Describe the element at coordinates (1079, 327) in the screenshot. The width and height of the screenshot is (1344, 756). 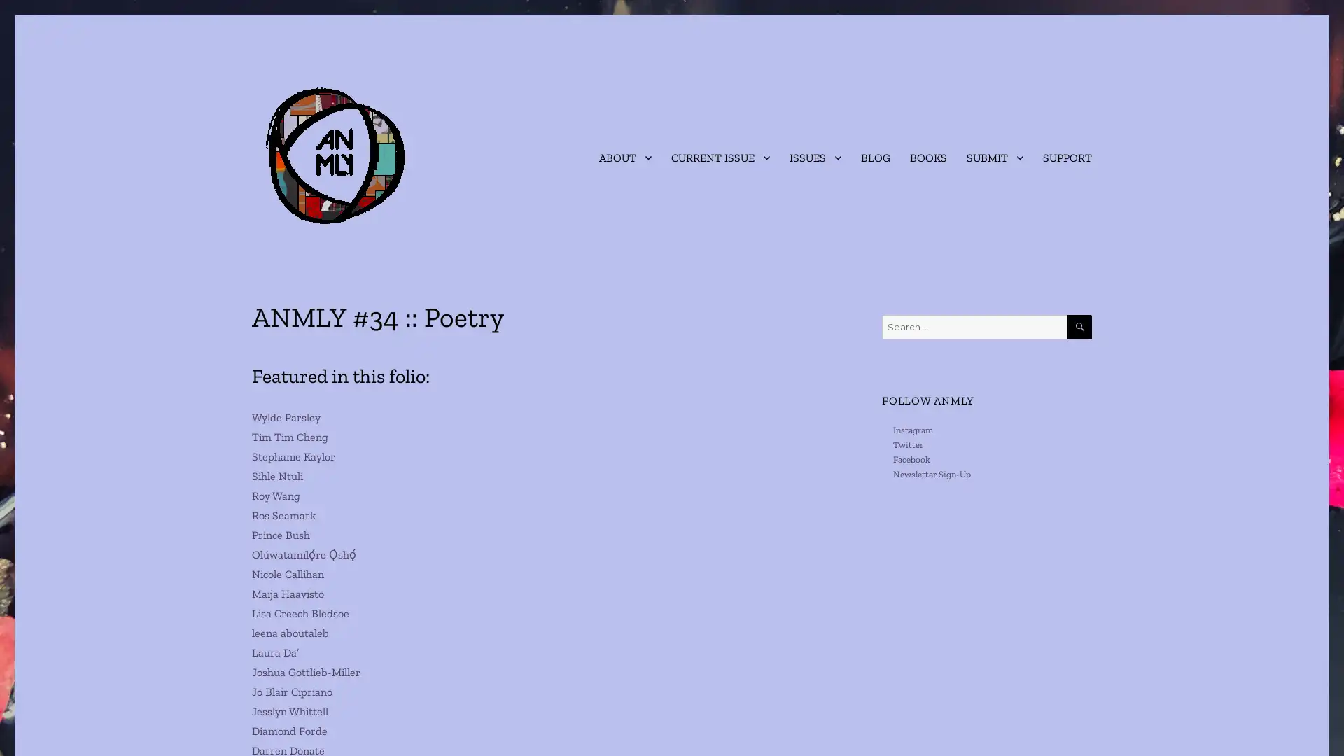
I see `SEARCH` at that location.